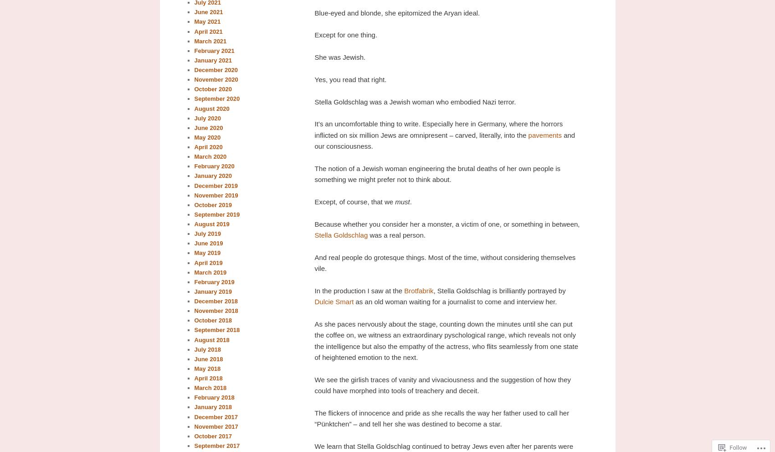 The height and width of the screenshot is (452, 775). Describe the element at coordinates (212, 320) in the screenshot. I see `'October 2018'` at that location.